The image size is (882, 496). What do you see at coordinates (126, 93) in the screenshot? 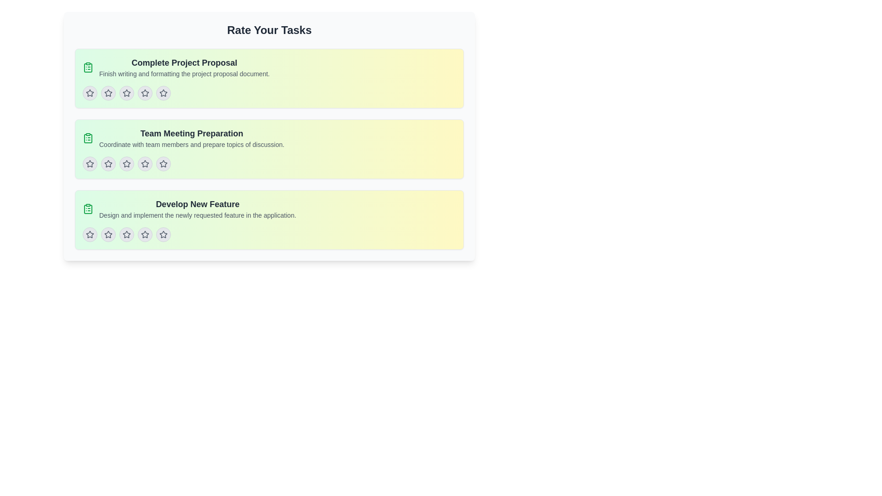
I see `the second star from the left in the rating stars for the 'Complete Project Proposal' task` at bounding box center [126, 93].